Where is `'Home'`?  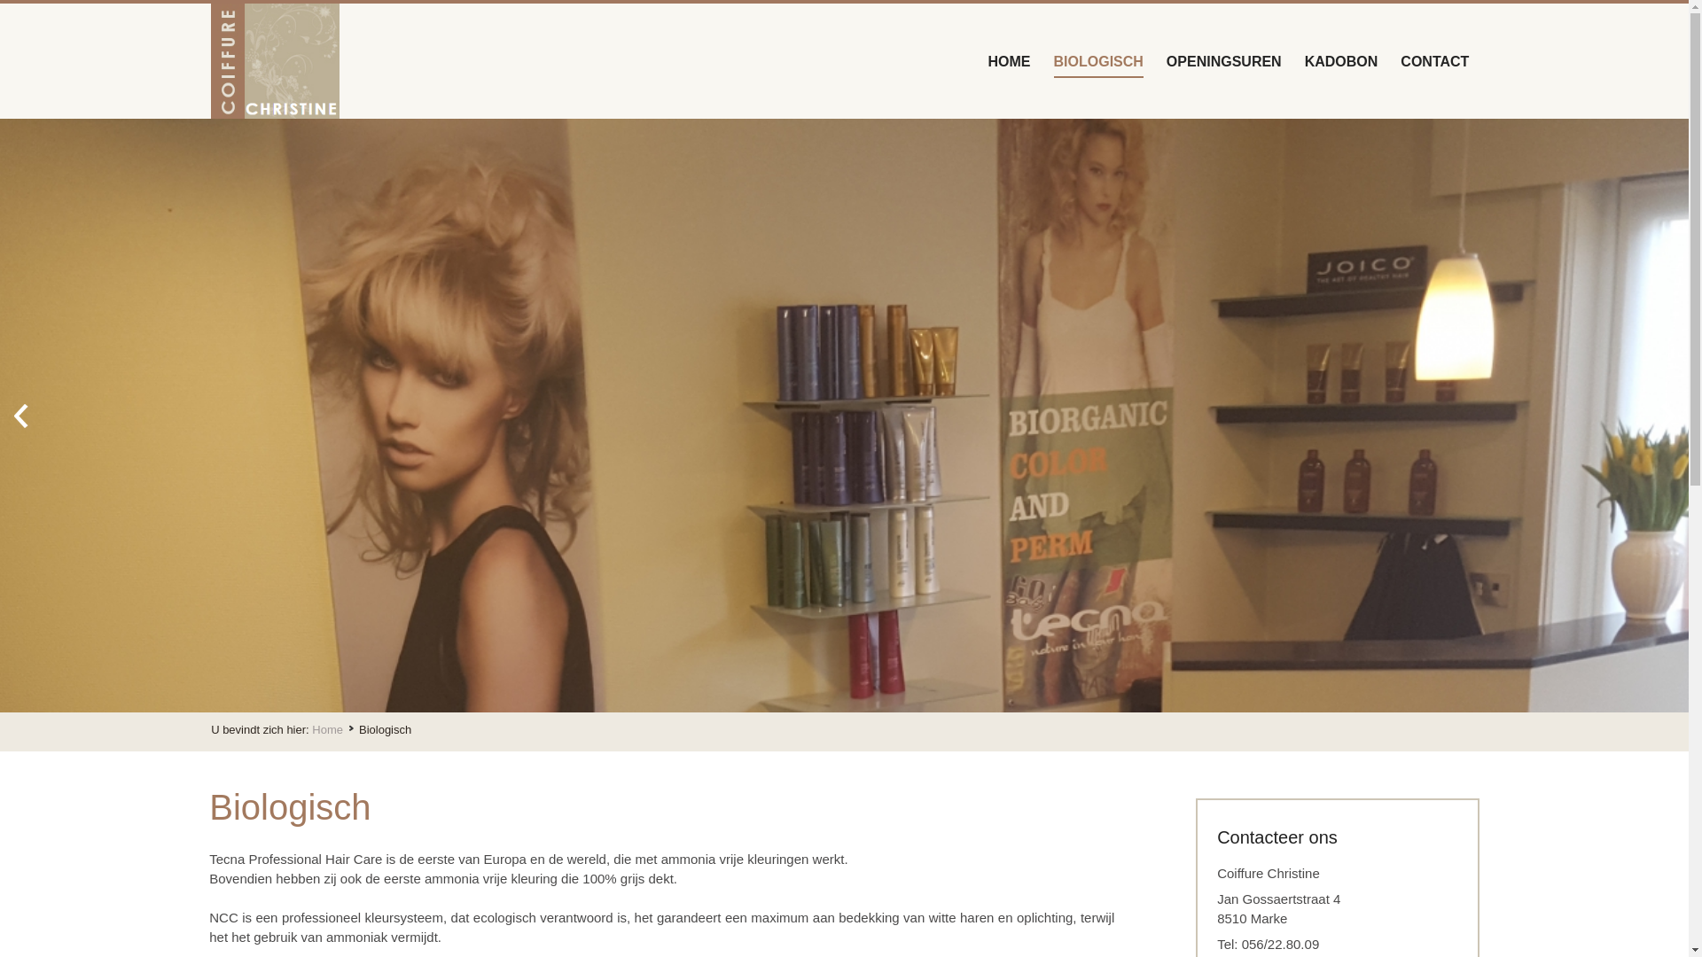 'Home' is located at coordinates (335, 729).